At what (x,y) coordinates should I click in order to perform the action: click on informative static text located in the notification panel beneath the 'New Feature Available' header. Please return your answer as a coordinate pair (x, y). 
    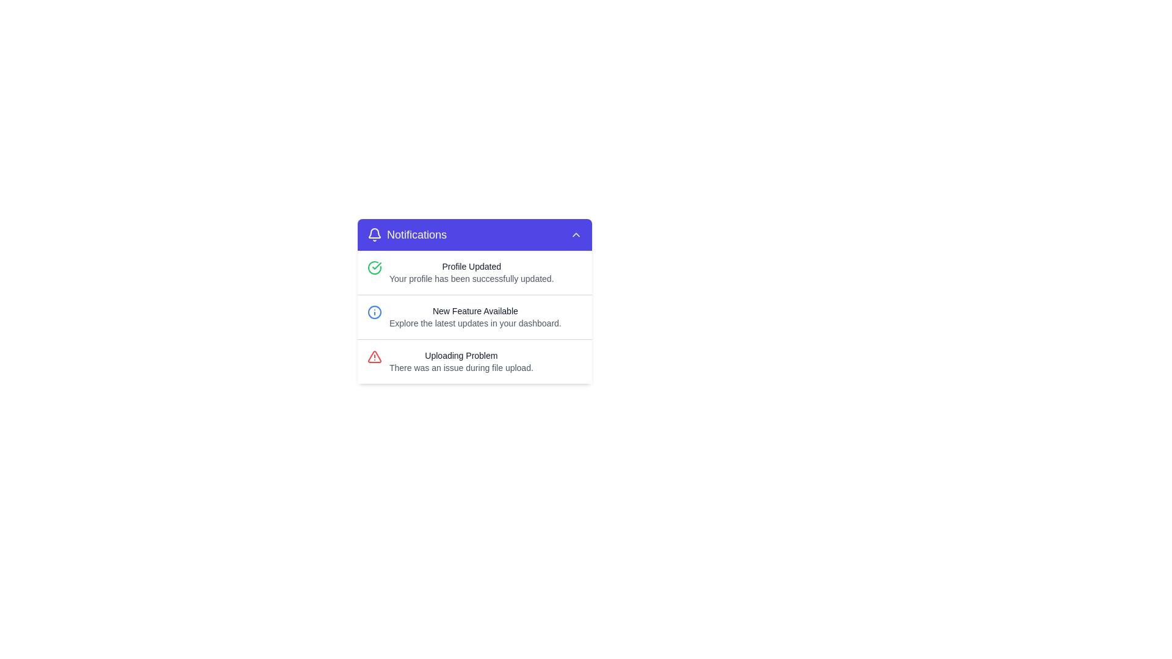
    Looking at the image, I should click on (474, 322).